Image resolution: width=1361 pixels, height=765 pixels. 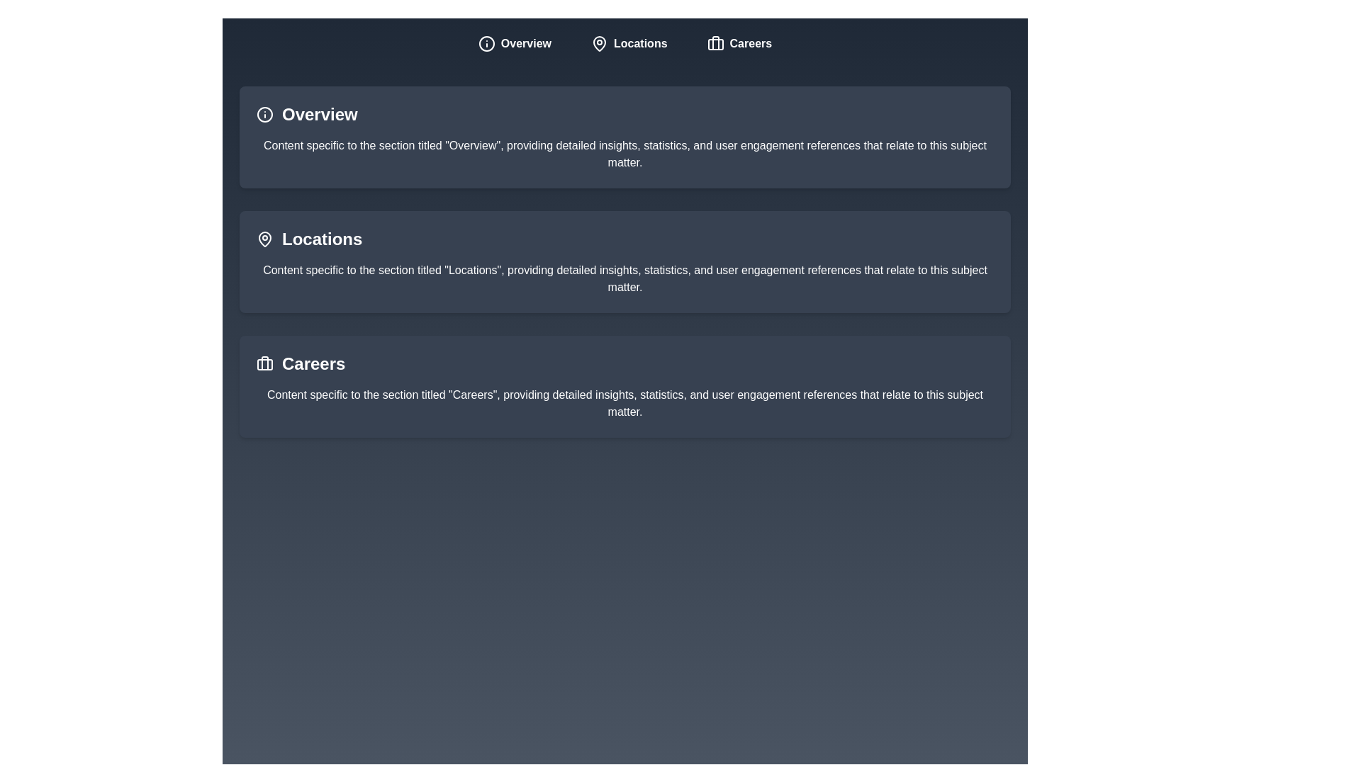 I want to click on the location marker icon situated in the header navigation bar, which is positioned to the left of the 'Locations' text, so click(x=599, y=42).